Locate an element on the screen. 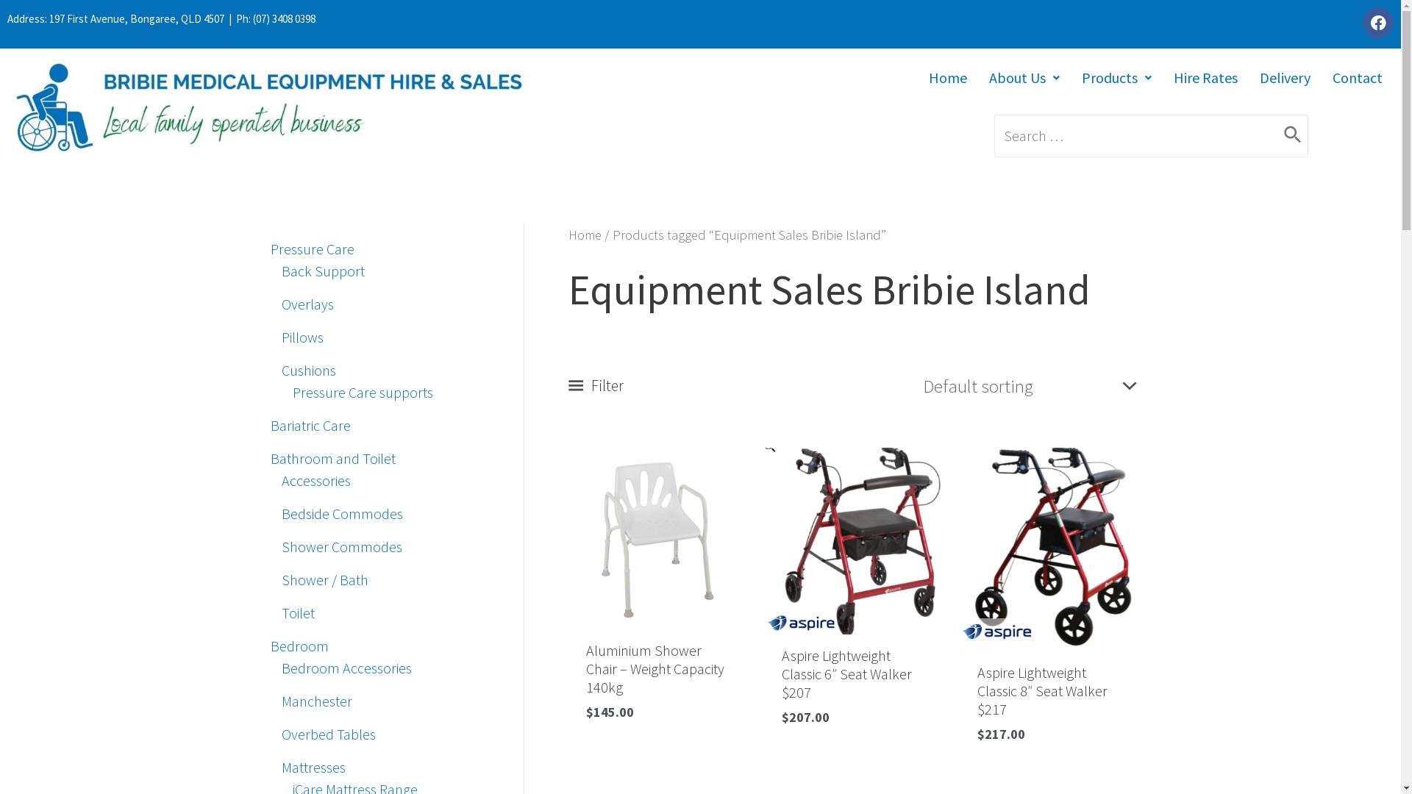 This screenshot has height=794, width=1412. 'About Us' is located at coordinates (1023, 77).